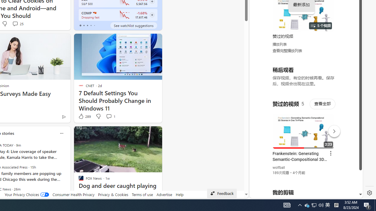 The width and height of the screenshot is (376, 211). Describe the element at coordinates (18, 23) in the screenshot. I see `'View comments 25 Comment'` at that location.